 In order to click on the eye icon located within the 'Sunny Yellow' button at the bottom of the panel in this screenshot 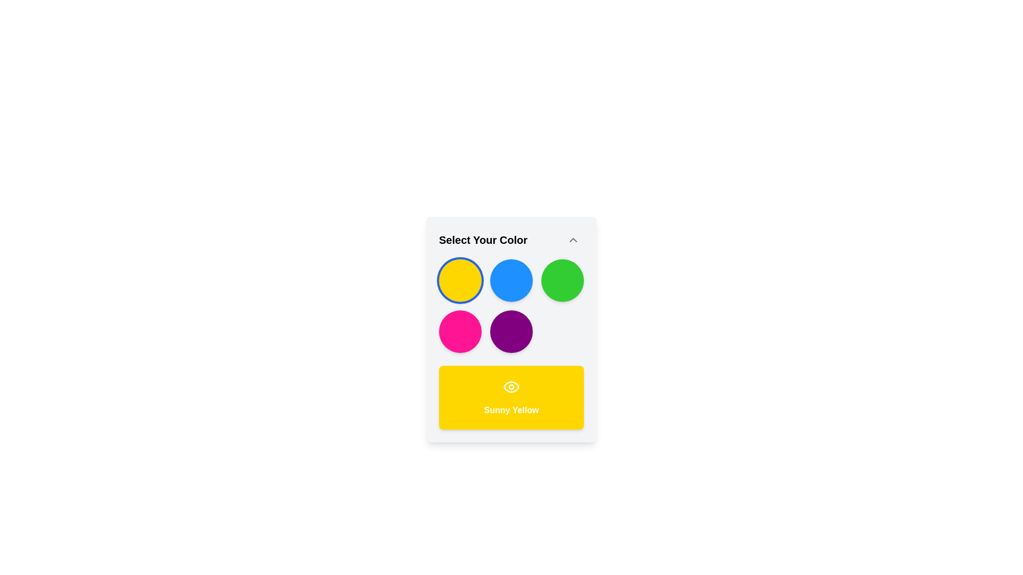, I will do `click(511, 387)`.